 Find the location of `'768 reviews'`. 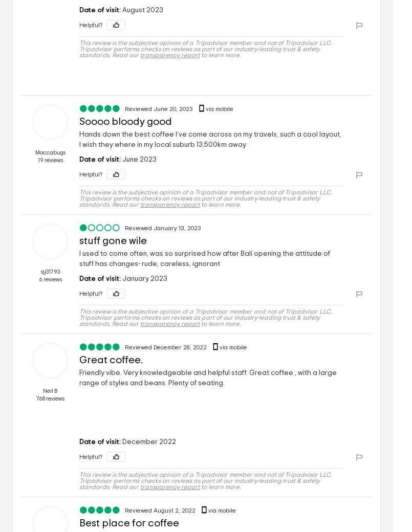

'768 reviews' is located at coordinates (49, 398).